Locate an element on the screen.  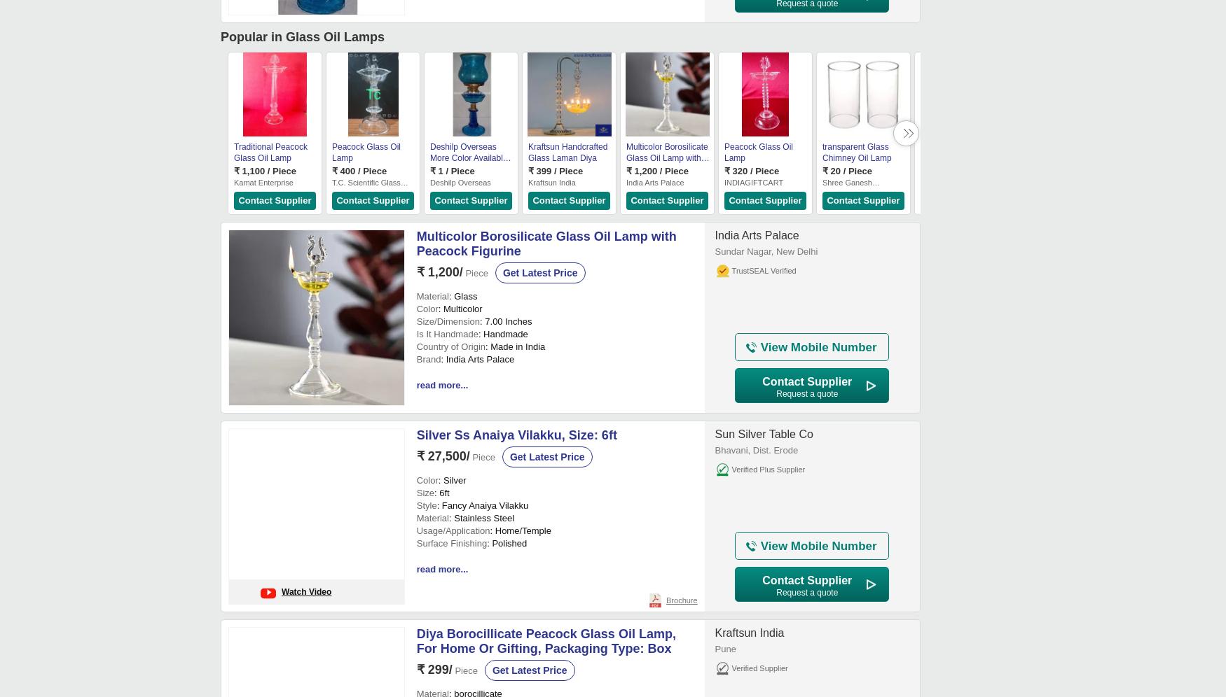
'Size' is located at coordinates (425, 493).